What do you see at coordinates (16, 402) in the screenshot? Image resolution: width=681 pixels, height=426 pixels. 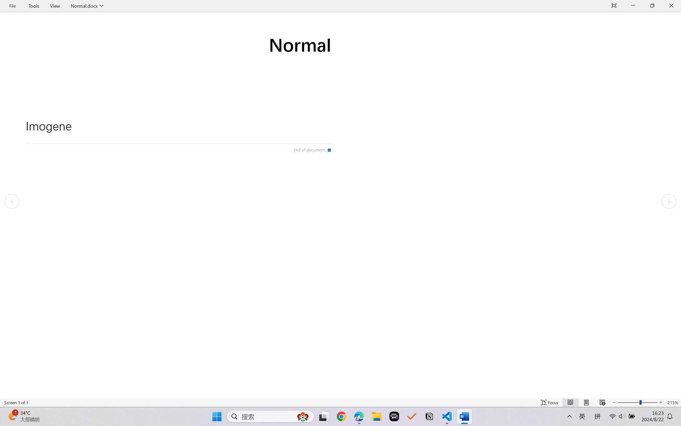 I see `'Page Number Screen 1 of 1 '` at bounding box center [16, 402].